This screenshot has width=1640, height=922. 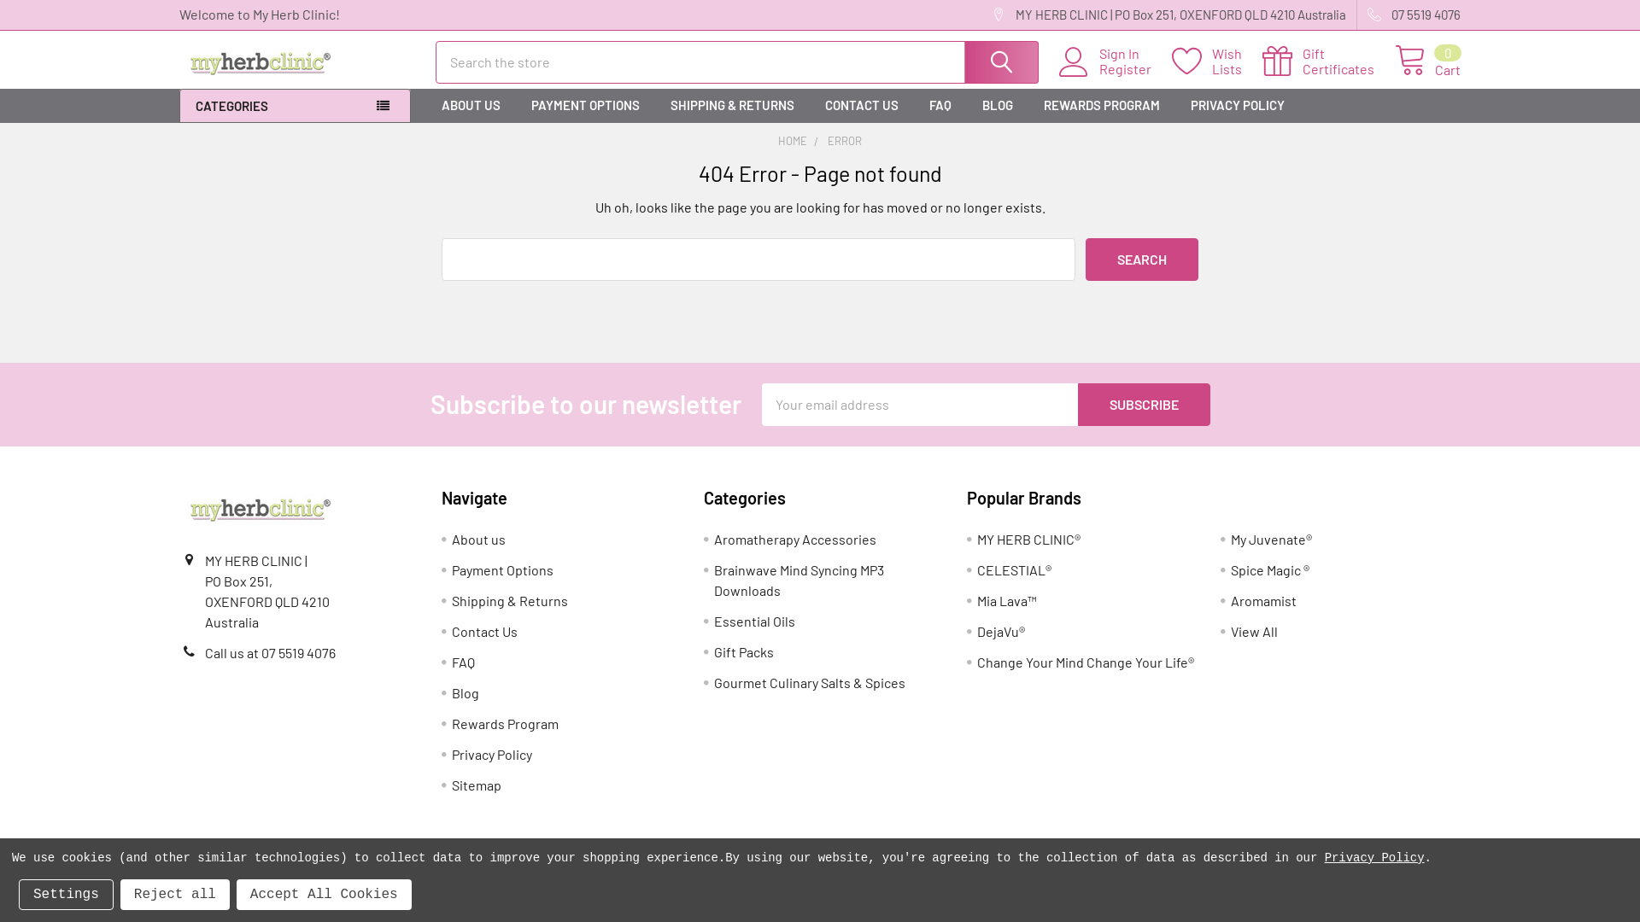 What do you see at coordinates (451, 599) in the screenshot?
I see `'Shipping & Returns'` at bounding box center [451, 599].